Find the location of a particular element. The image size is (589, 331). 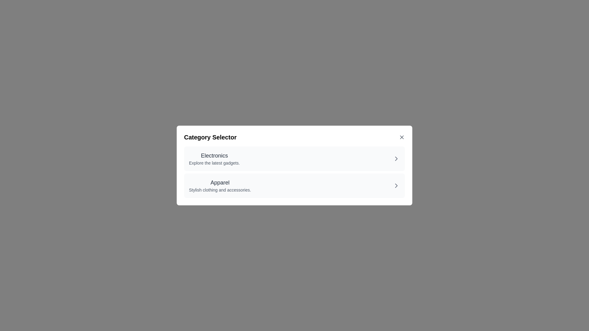

the selectable category option for 'Apparel' in the category listing is located at coordinates (220, 185).